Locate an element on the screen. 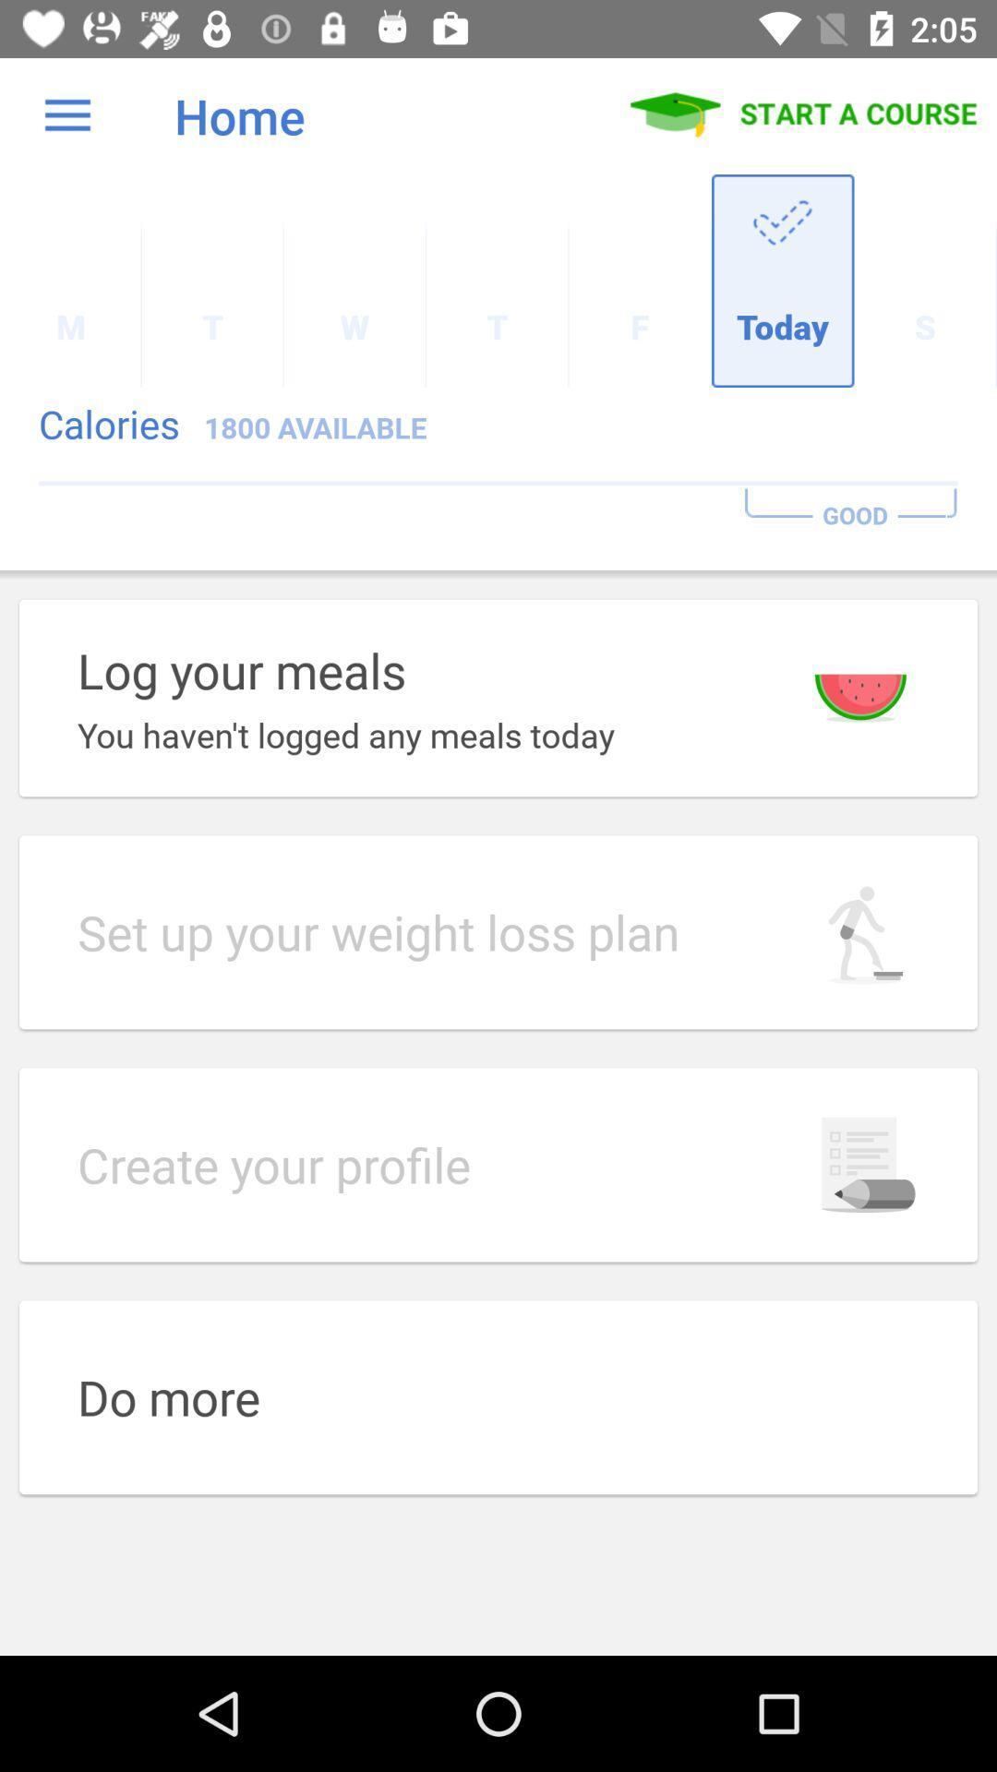 This screenshot has width=997, height=1772. the item above the m is located at coordinates (66, 114).